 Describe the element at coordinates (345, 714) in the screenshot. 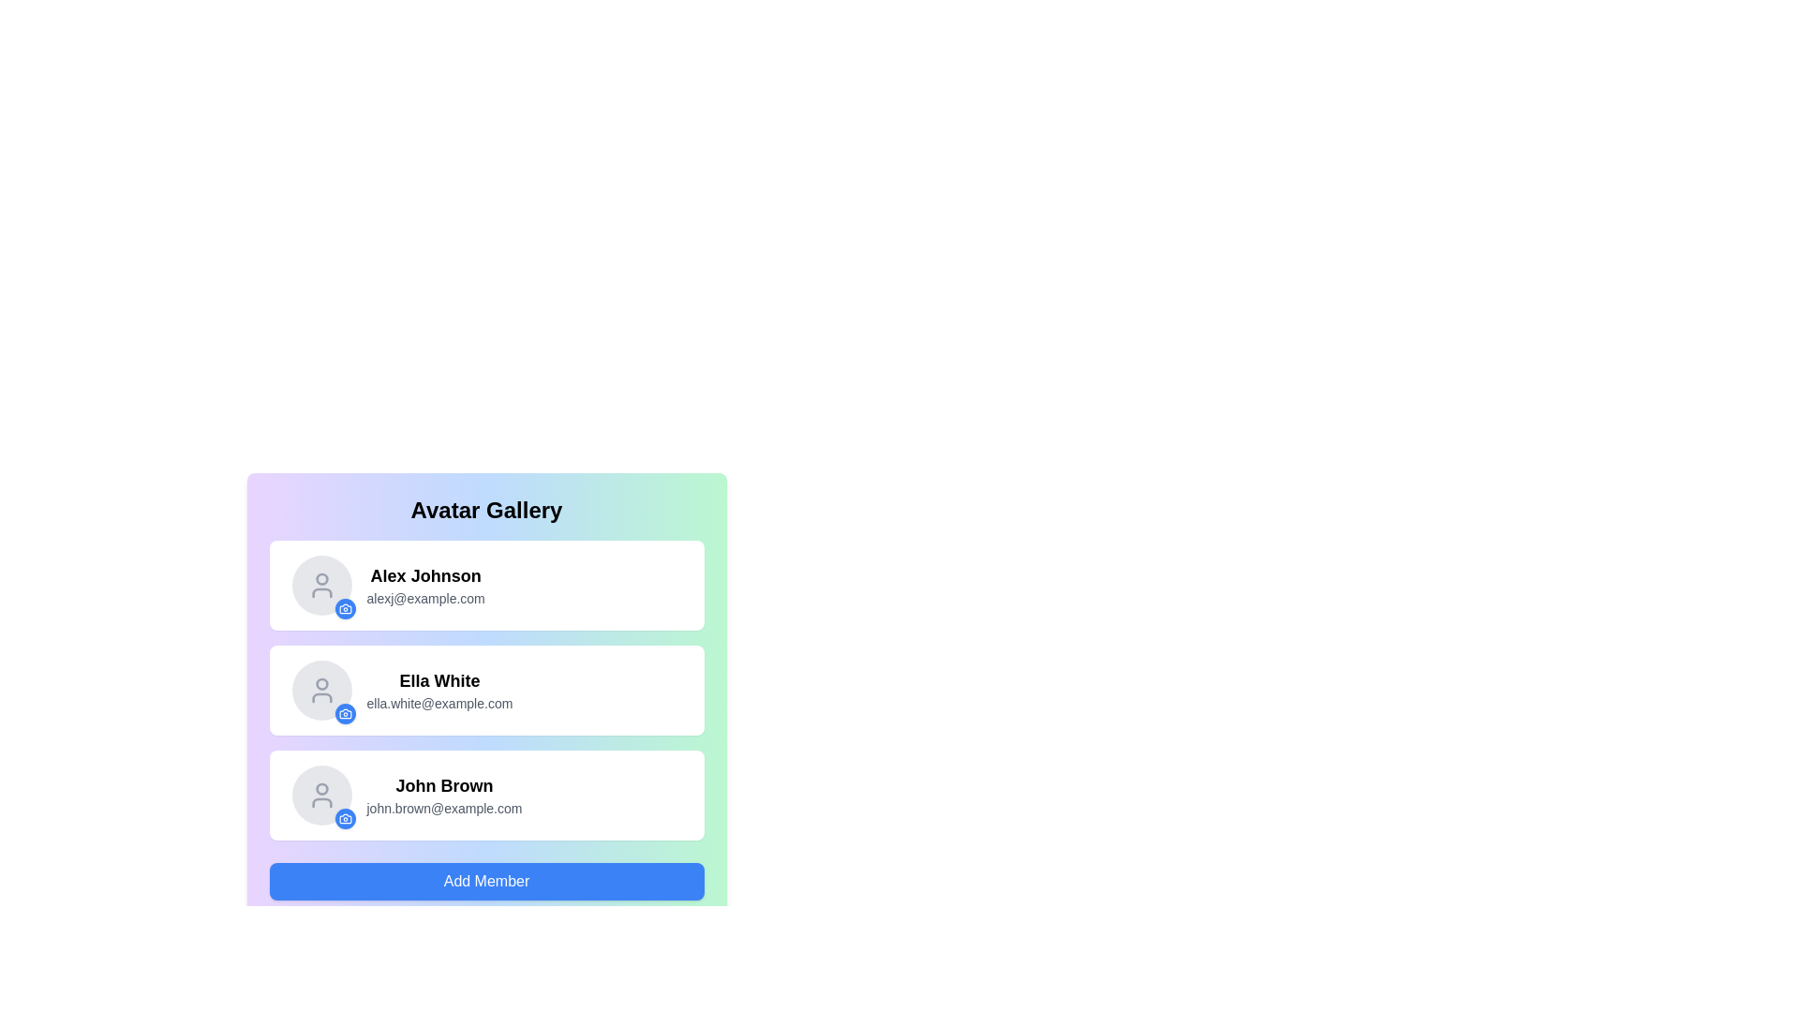

I see `the circular blue button with a white camera icon located at the bottom-right corner of the second circular avatar area representing the user Ella White` at that location.